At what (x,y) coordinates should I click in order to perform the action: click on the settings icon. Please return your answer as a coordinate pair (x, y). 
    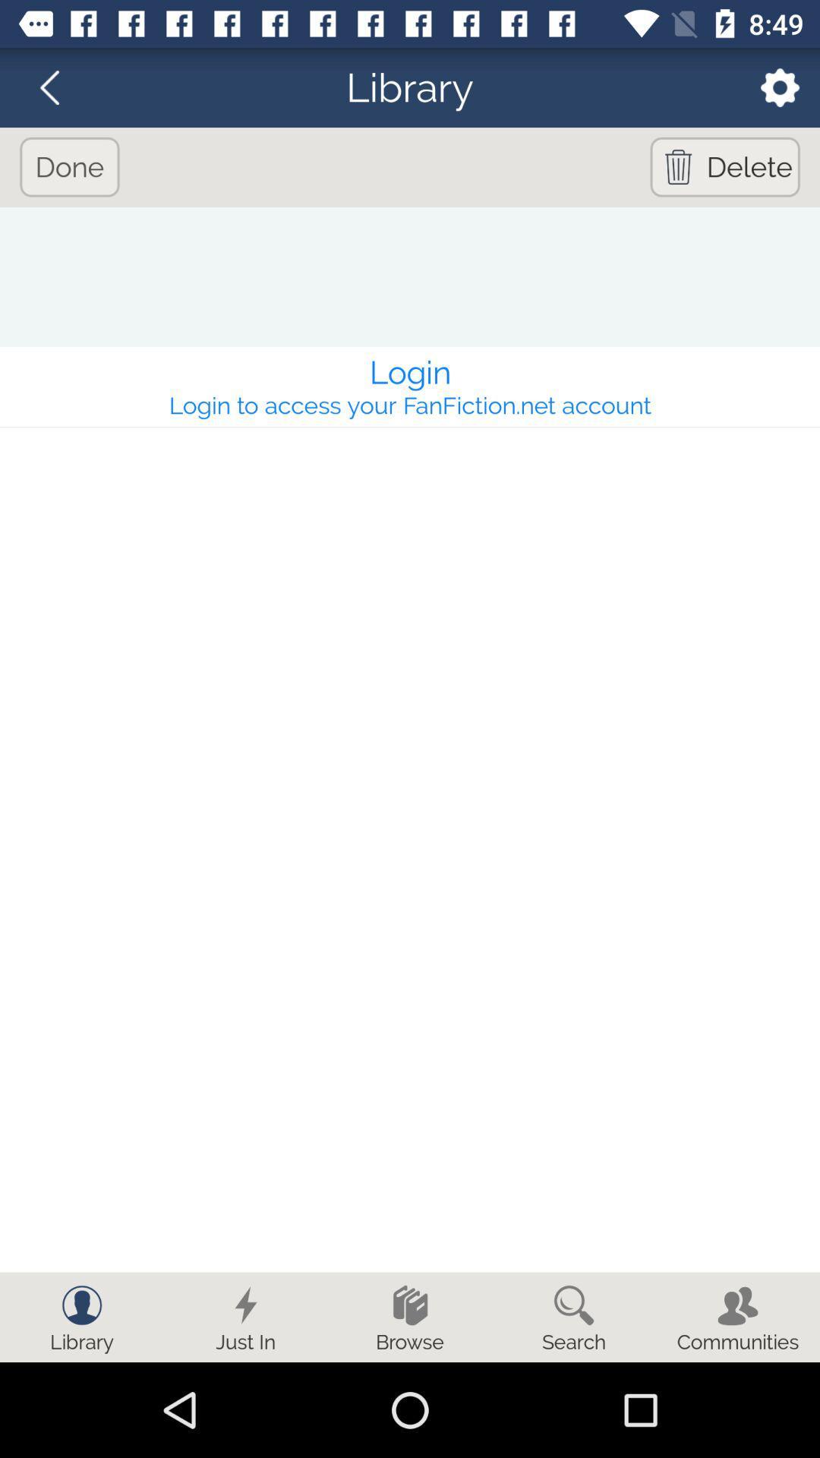
    Looking at the image, I should click on (770, 87).